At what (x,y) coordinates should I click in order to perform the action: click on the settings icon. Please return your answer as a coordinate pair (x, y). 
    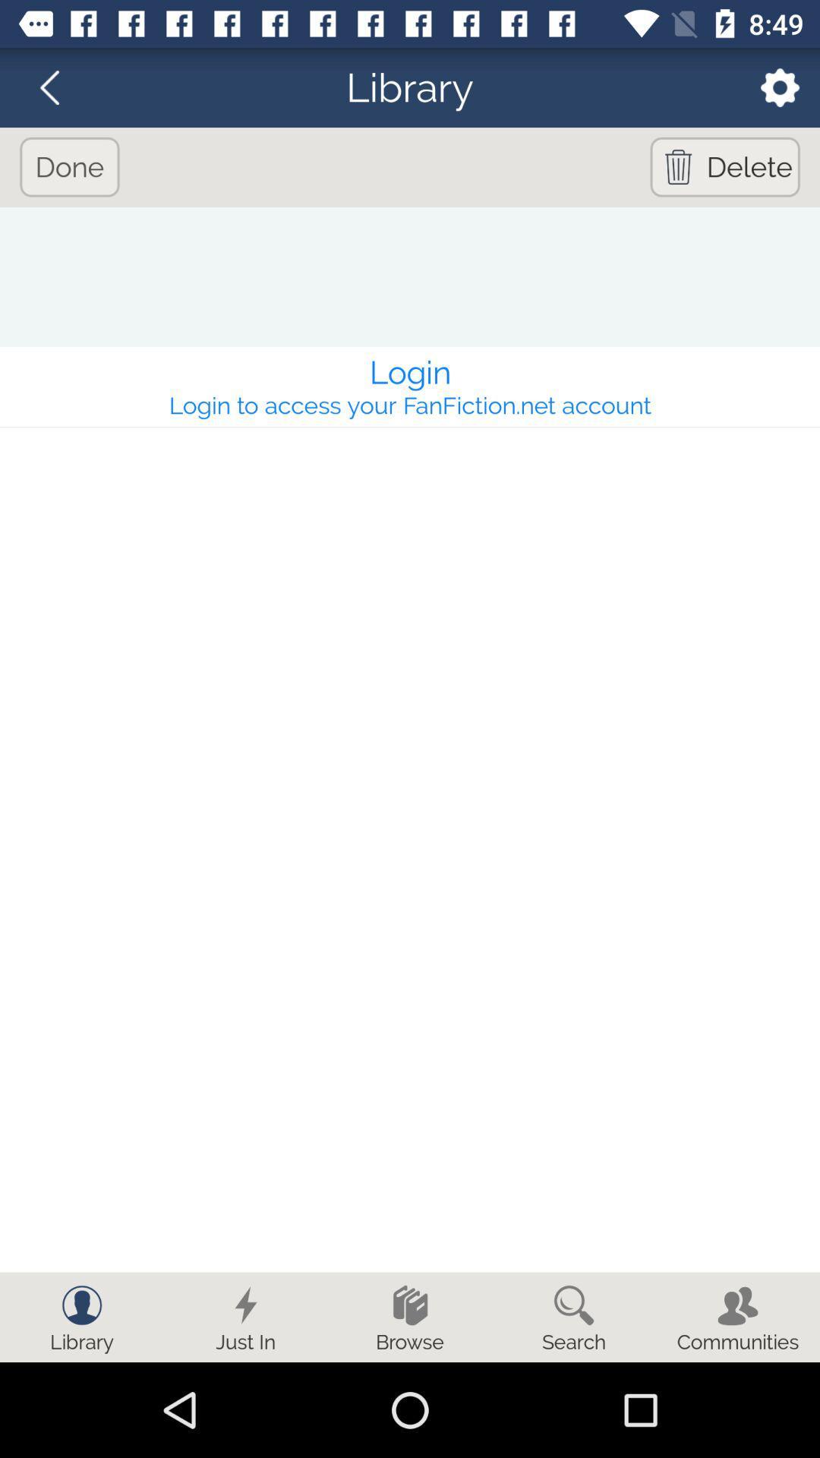
    Looking at the image, I should click on (770, 87).